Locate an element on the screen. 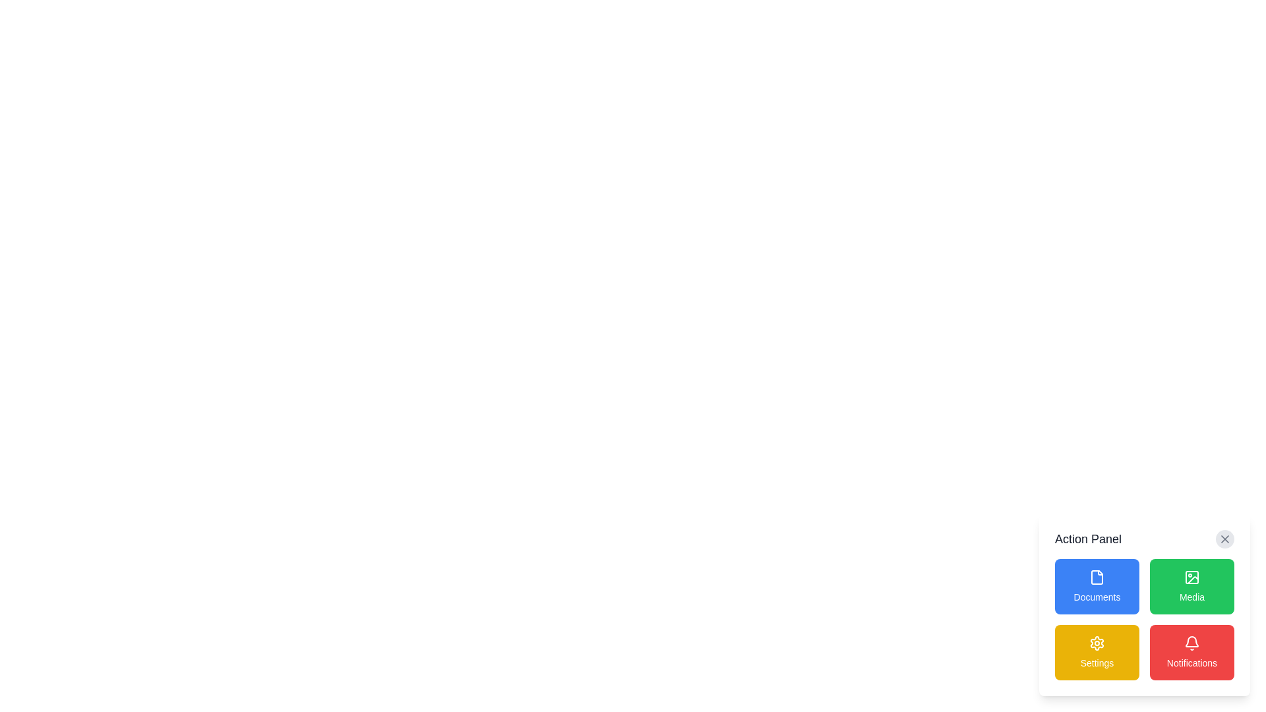 This screenshot has height=712, width=1266. the settings button, which is the third button in a grid layout at the bottom-left of the panel is located at coordinates (1097, 653).